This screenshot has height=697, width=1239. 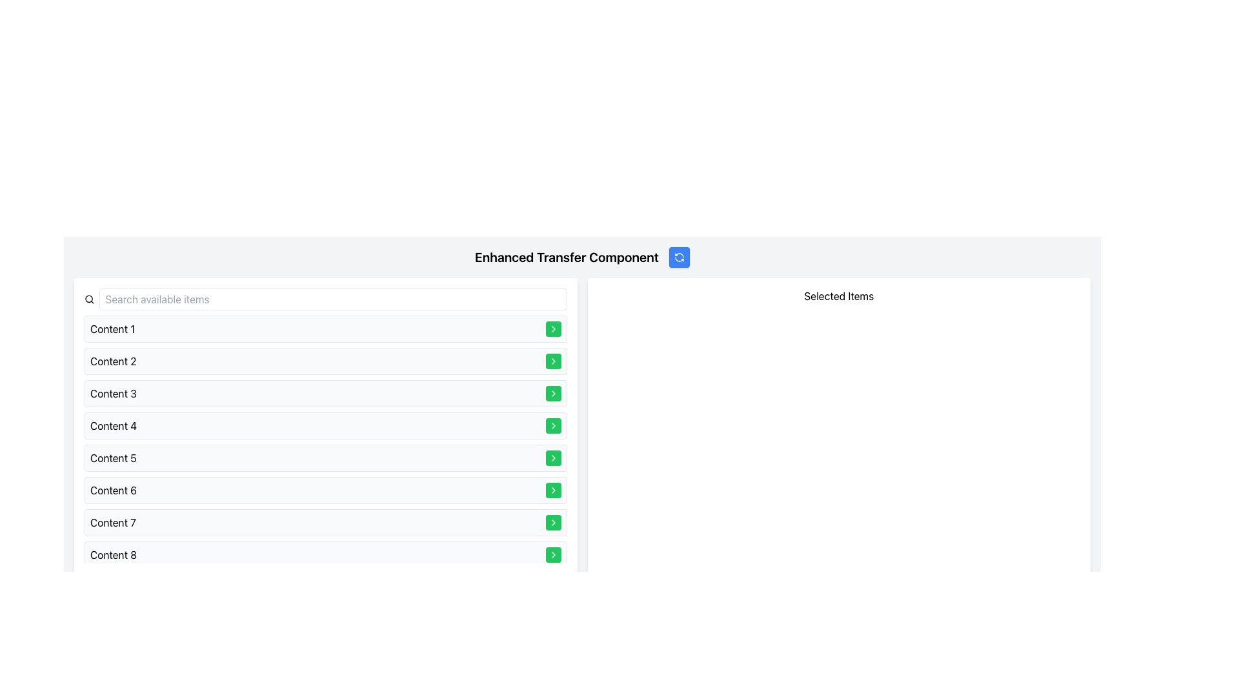 What do you see at coordinates (553, 425) in the screenshot?
I see `the small rectangular green button with a rounded border and a rightward chevron icon located on the right side of the 'Content 4' list item` at bounding box center [553, 425].